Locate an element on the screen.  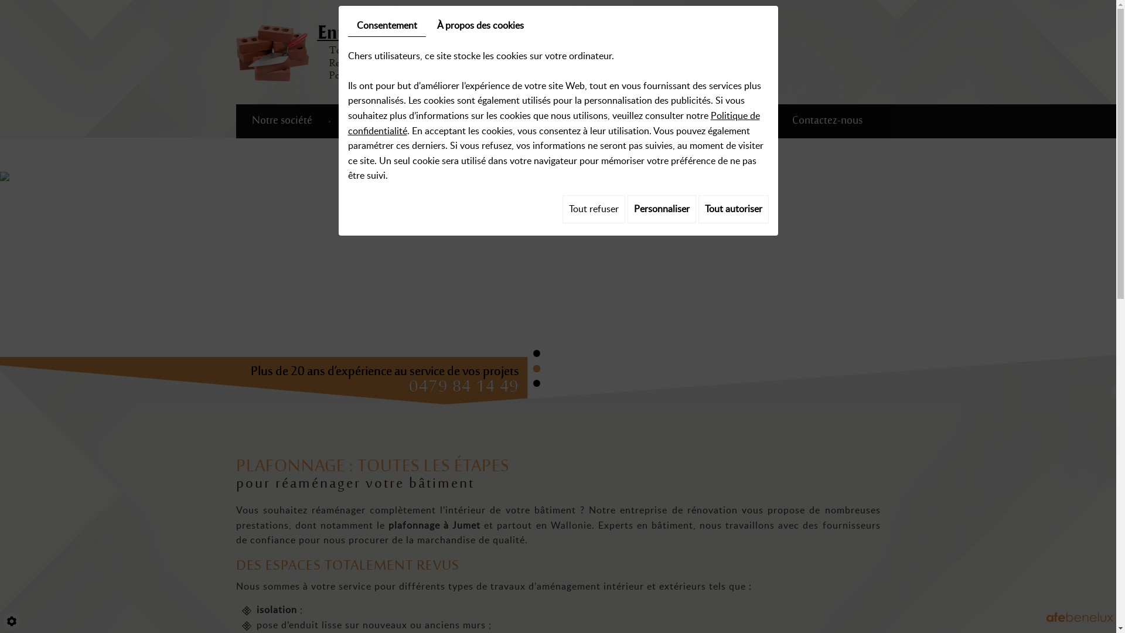
'Carrelage' is located at coordinates (509, 121).